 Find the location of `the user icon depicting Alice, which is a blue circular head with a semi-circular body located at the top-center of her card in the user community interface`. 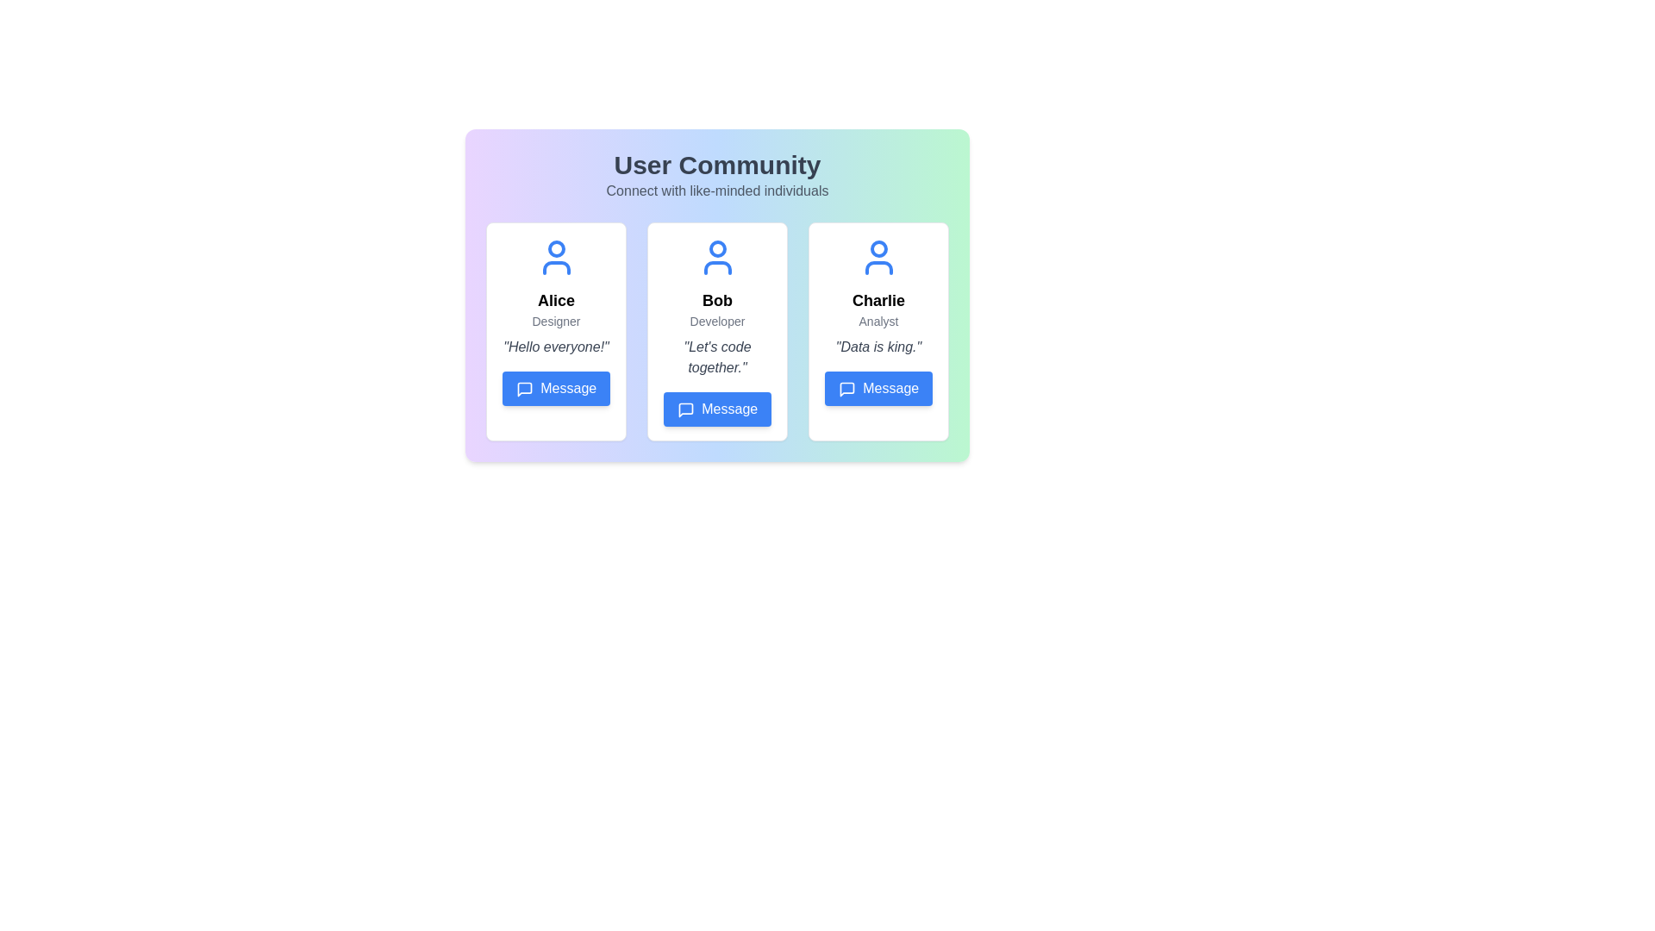

the user icon depicting Alice, which is a blue circular head with a semi-circular body located at the top-center of her card in the user community interface is located at coordinates (556, 258).